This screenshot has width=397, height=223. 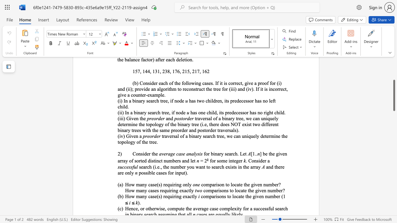 What do you see at coordinates (221, 124) in the screenshot?
I see `the 2th character "d" in the text` at bounding box center [221, 124].